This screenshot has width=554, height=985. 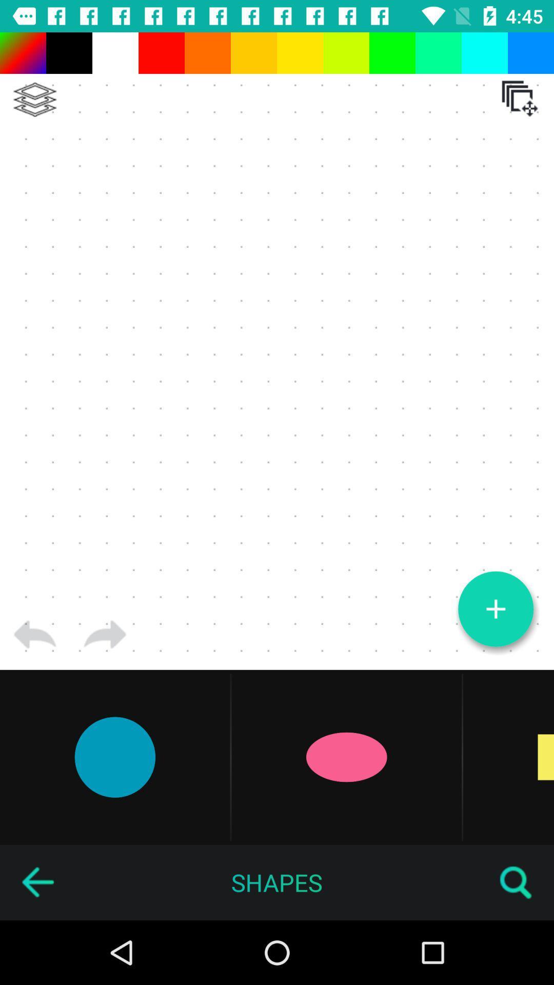 What do you see at coordinates (495, 609) in the screenshot?
I see `the add icon` at bounding box center [495, 609].